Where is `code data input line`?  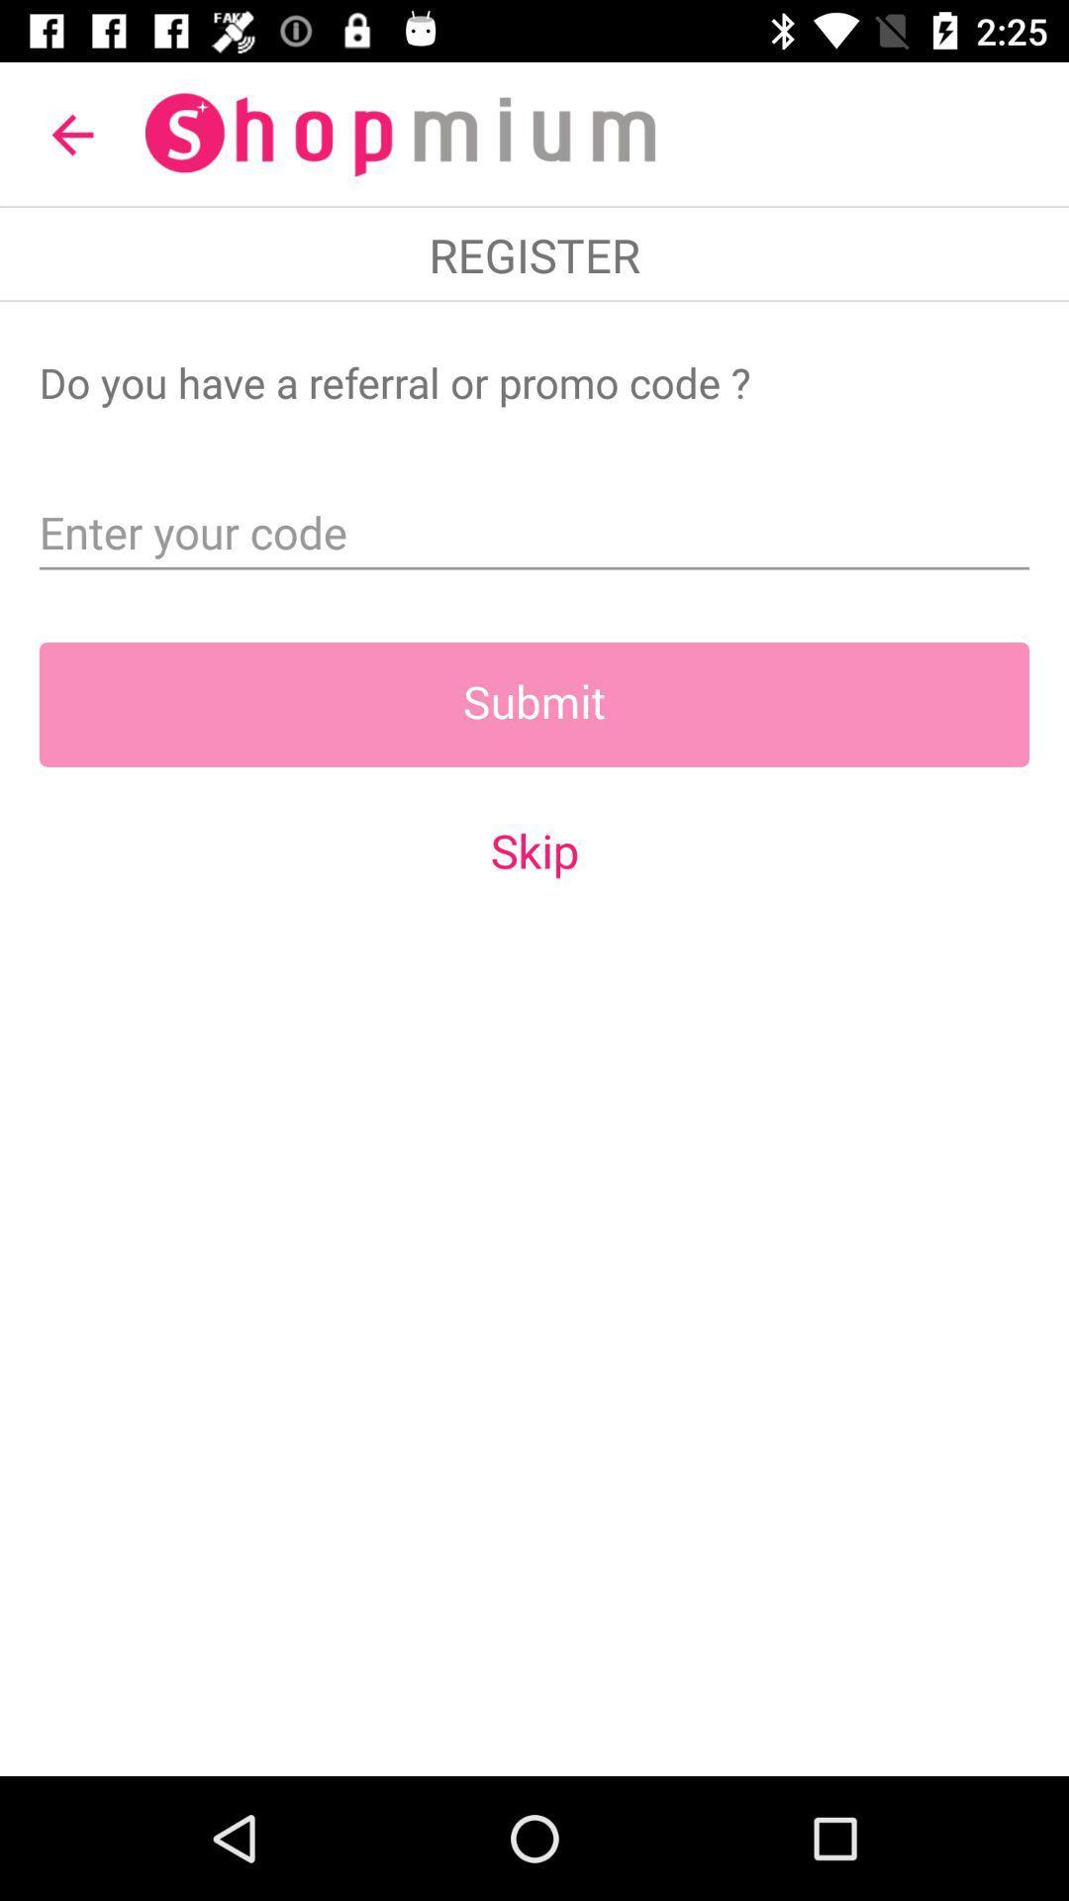
code data input line is located at coordinates (534, 526).